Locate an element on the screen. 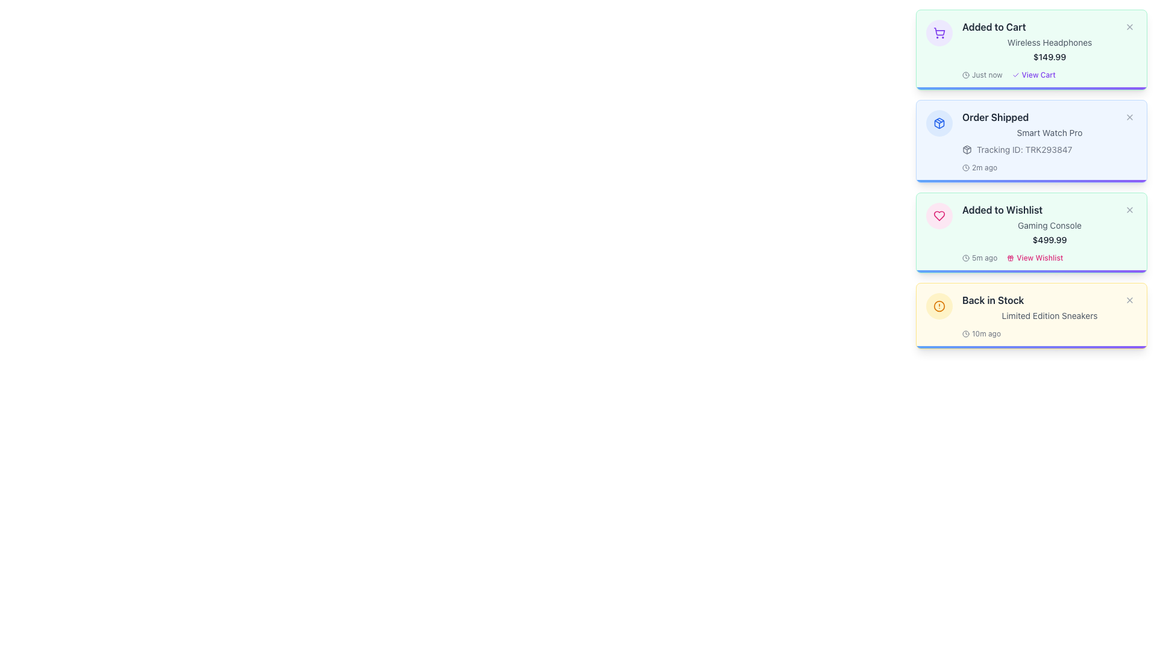 The height and width of the screenshot is (650, 1157). the compact circular button with a small X icon in the top-right corner of the 'Back in Stock' notification is located at coordinates (1129, 299).